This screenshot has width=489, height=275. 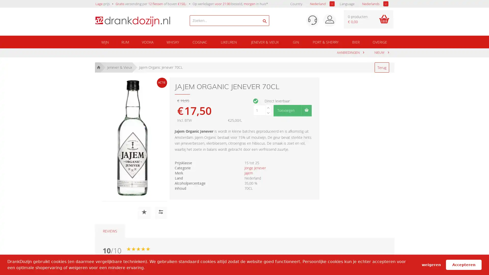 I want to click on REVIEWS, so click(x=110, y=231).